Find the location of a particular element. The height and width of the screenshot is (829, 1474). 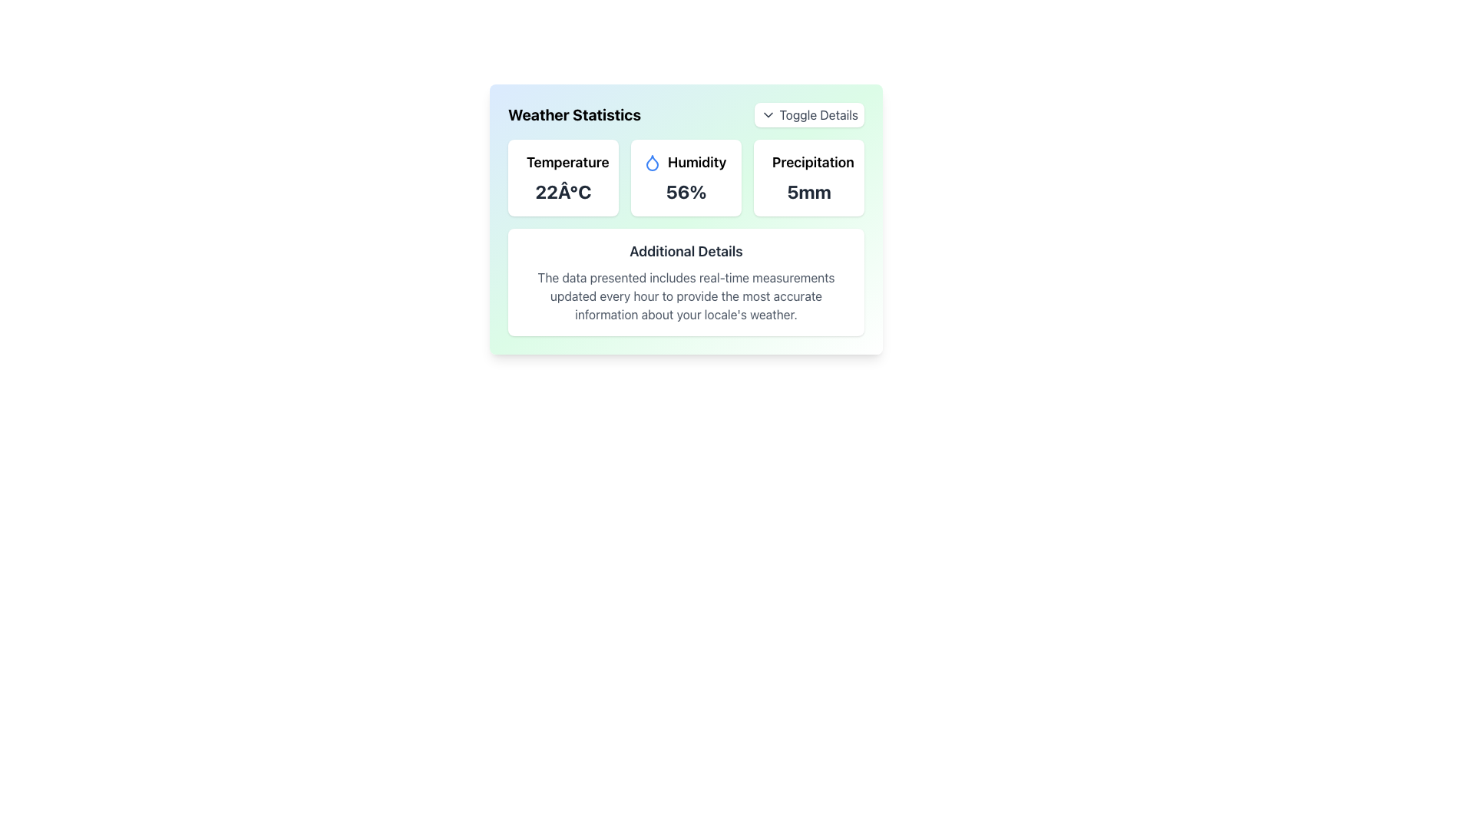

the 'Precipitation' text element with a rain cloud icon, located in the weather statistics section of the UI is located at coordinates (808, 163).